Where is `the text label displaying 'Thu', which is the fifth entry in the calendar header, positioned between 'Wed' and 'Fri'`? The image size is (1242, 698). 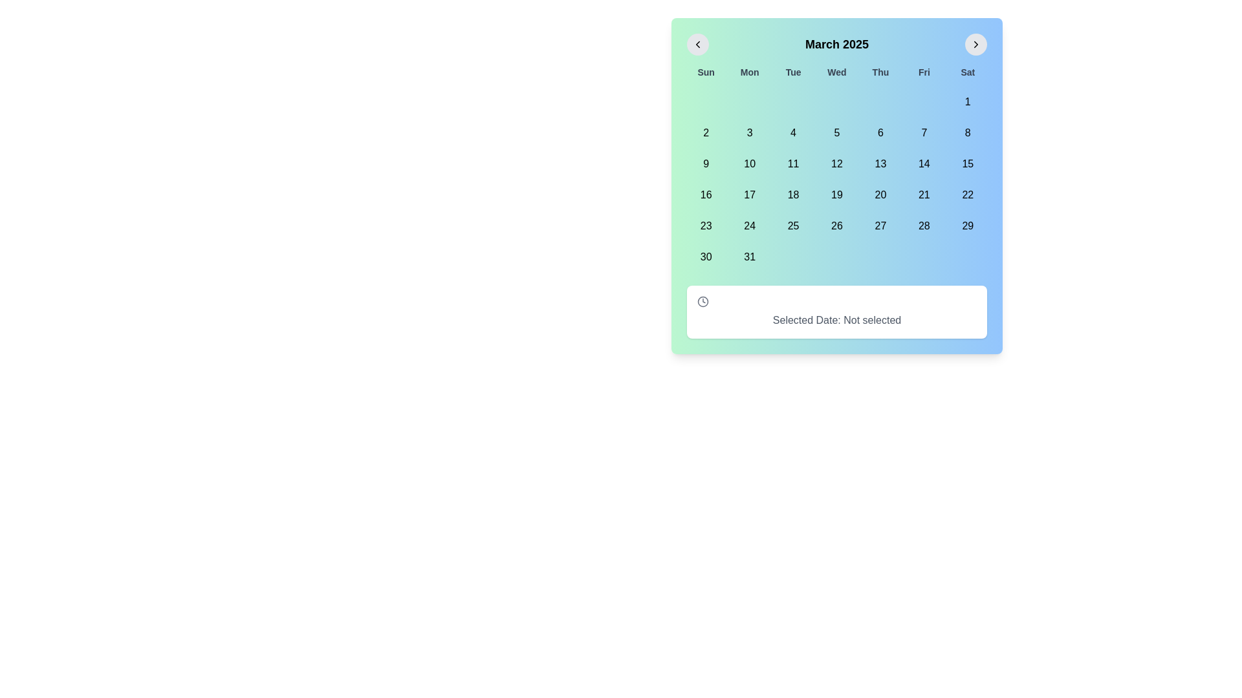 the text label displaying 'Thu', which is the fifth entry in the calendar header, positioned between 'Wed' and 'Fri' is located at coordinates (880, 72).